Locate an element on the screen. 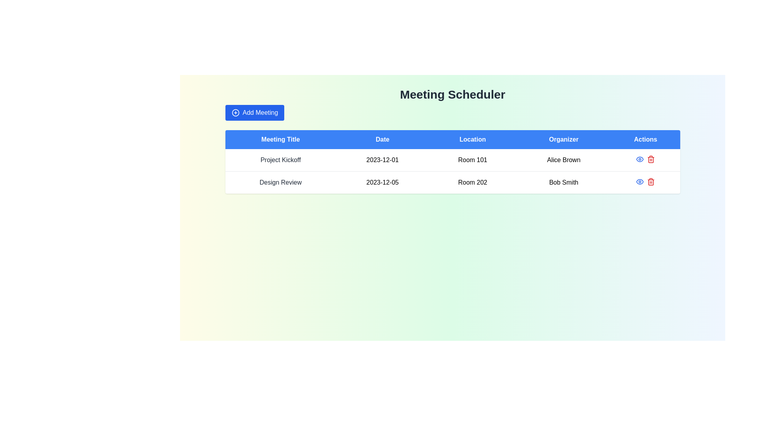  the delete icon button located in the 'Actions' column of the second row in the table, positioned to the right of the blue eye button is located at coordinates (651, 159).